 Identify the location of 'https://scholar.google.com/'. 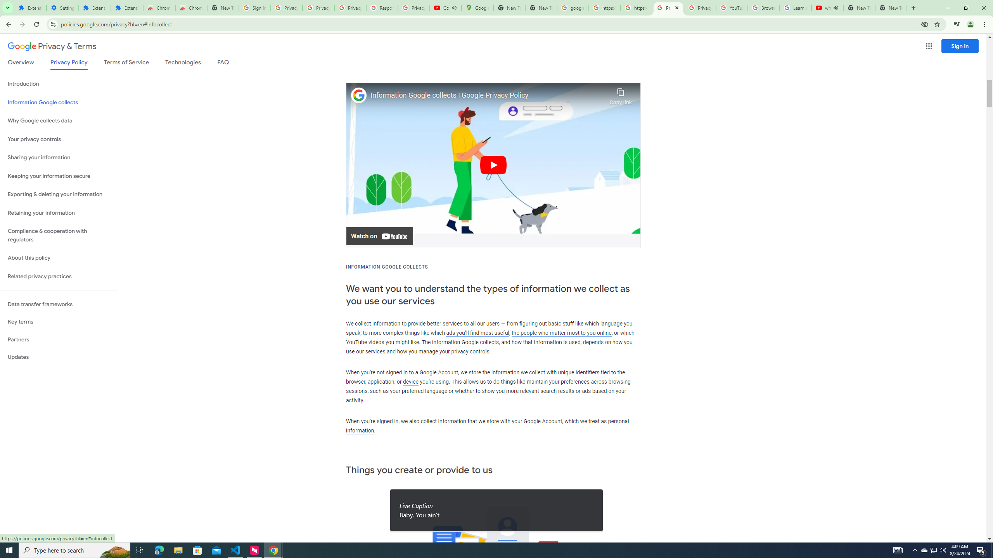
(604, 7).